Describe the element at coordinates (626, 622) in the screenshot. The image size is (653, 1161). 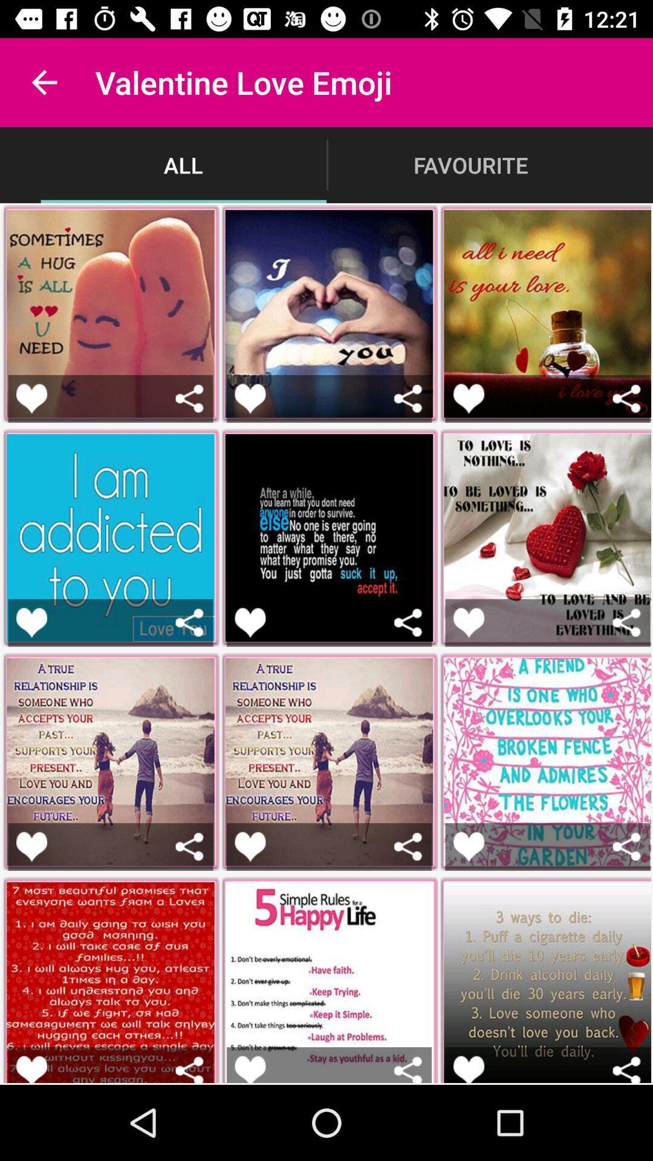
I see `share post` at that location.